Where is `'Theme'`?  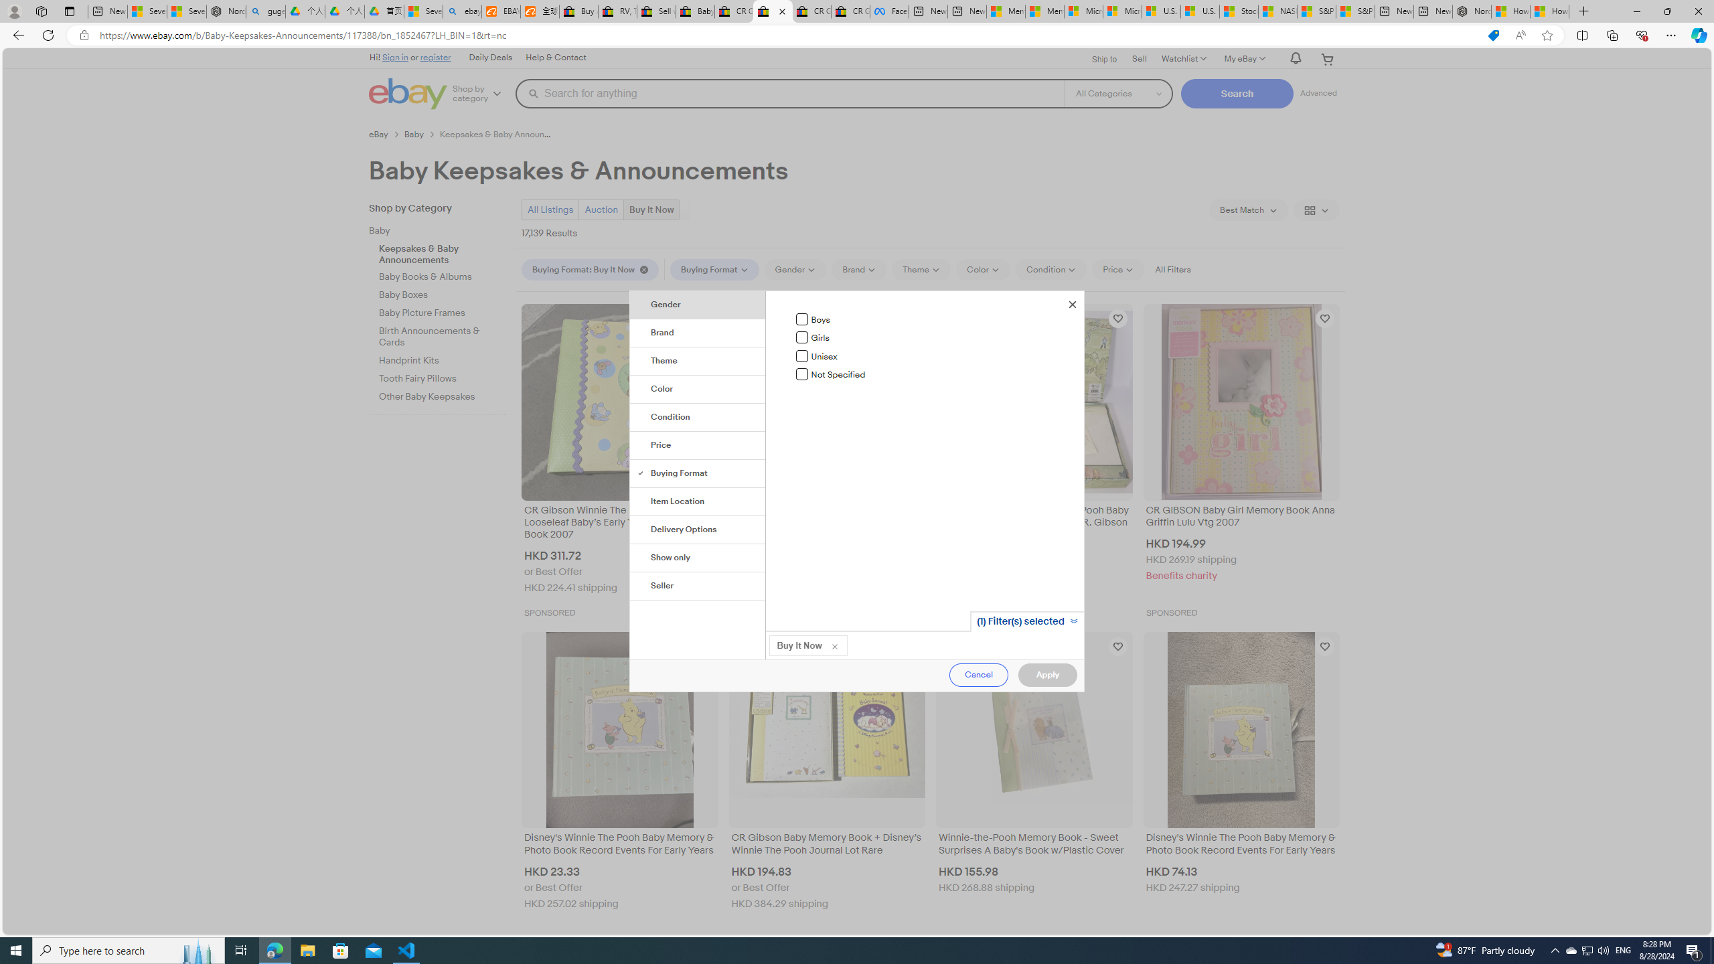 'Theme' is located at coordinates (698, 361).